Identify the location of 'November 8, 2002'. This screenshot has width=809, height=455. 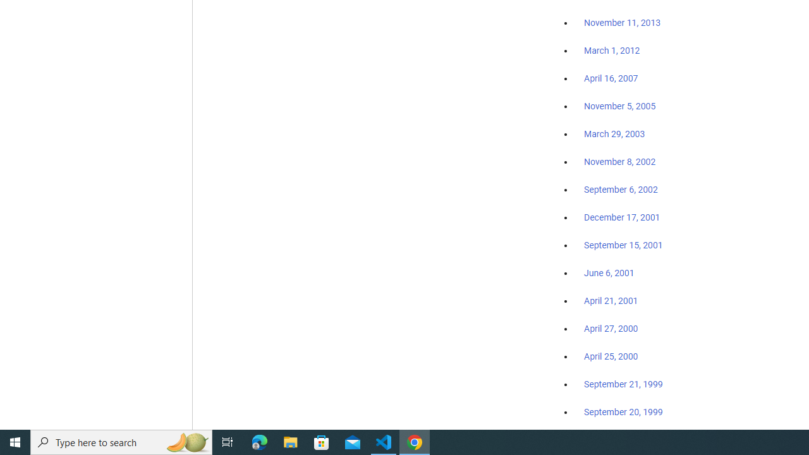
(620, 161).